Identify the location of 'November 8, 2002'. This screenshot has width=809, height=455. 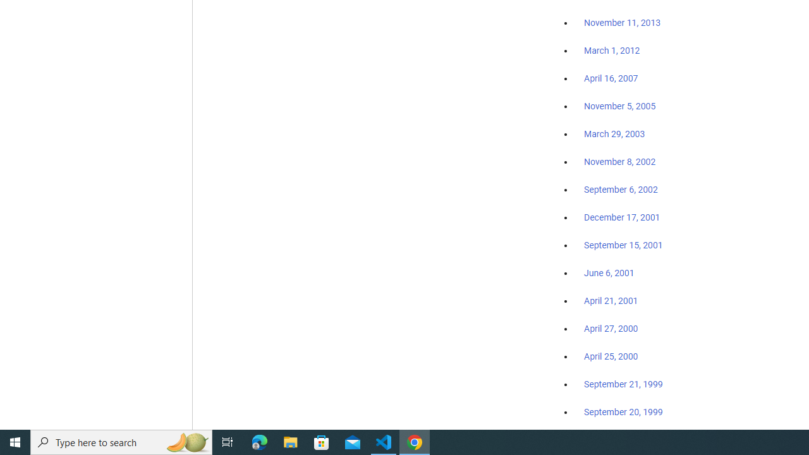
(620, 161).